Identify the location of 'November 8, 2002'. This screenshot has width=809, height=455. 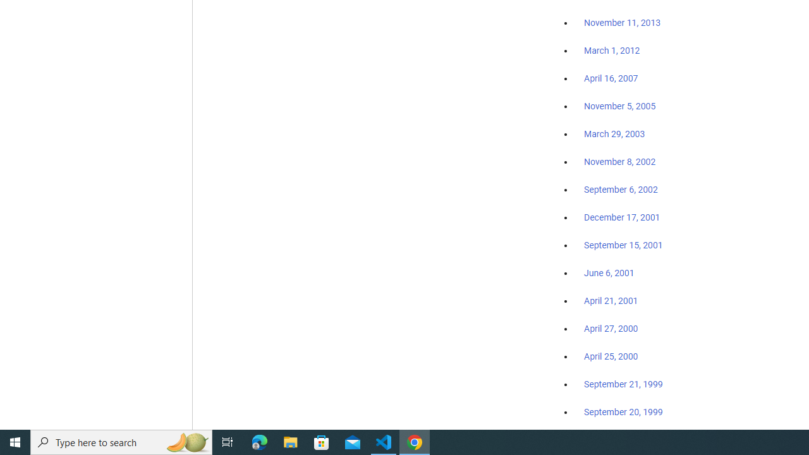
(620, 161).